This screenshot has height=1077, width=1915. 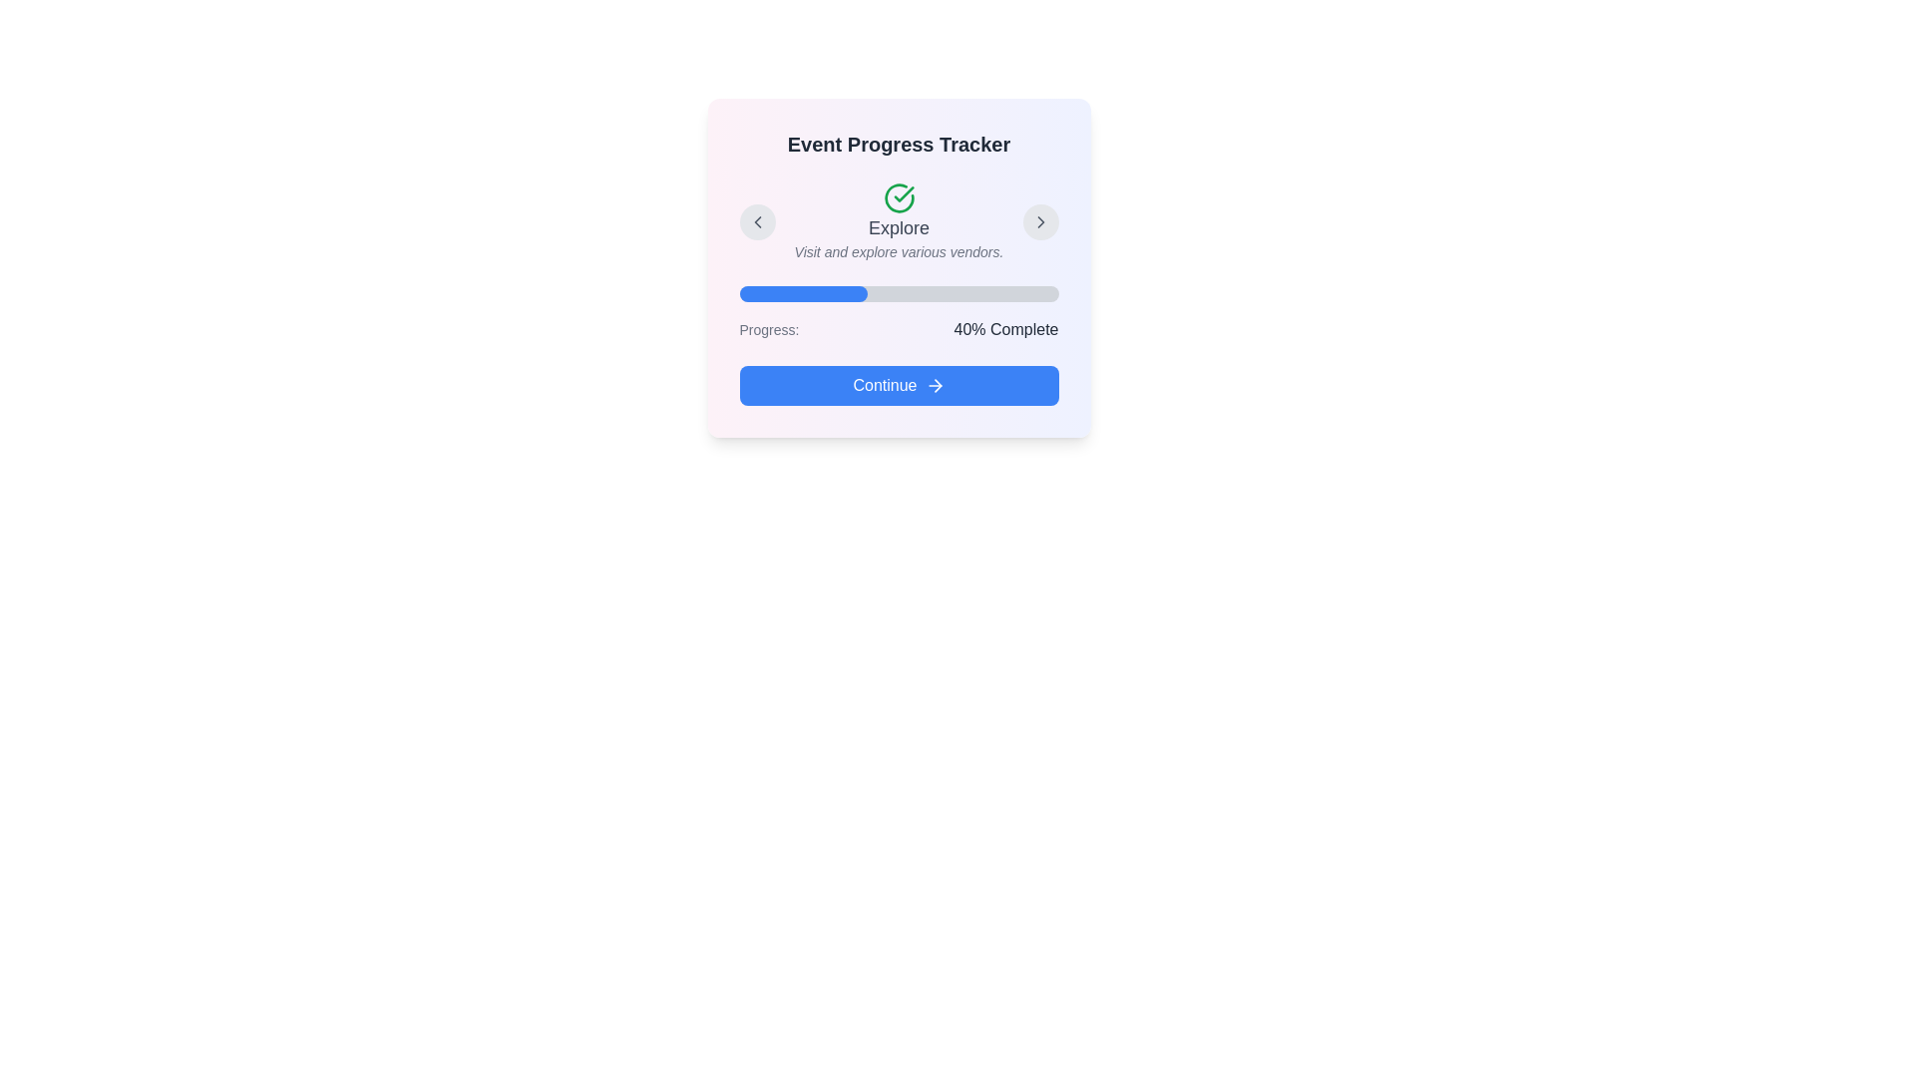 What do you see at coordinates (768, 329) in the screenshot?
I see `the 'Progress:' text label displayed in a light gray font, which is positioned to the left of the progress bar and adjacent to the percentage completion message` at bounding box center [768, 329].